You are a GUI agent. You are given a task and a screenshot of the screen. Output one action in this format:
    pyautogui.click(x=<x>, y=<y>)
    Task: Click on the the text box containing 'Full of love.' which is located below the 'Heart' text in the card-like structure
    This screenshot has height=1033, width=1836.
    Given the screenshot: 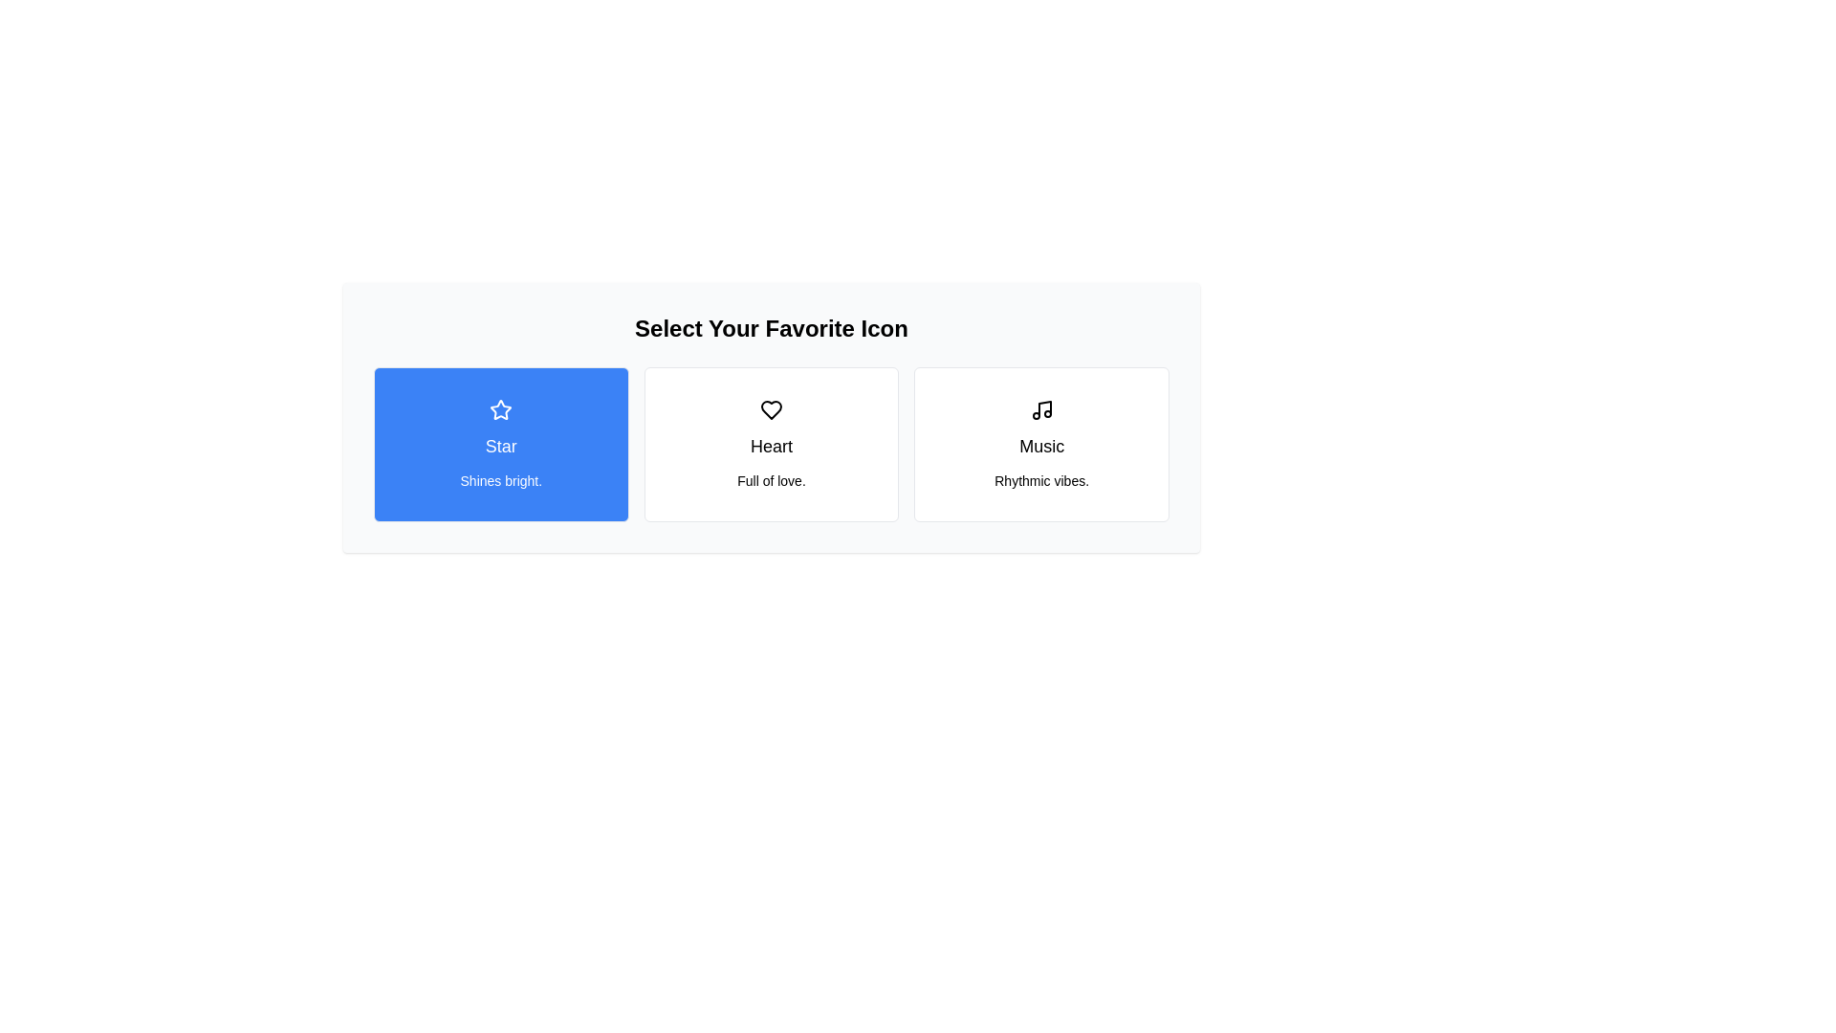 What is the action you would take?
    pyautogui.click(x=771, y=479)
    